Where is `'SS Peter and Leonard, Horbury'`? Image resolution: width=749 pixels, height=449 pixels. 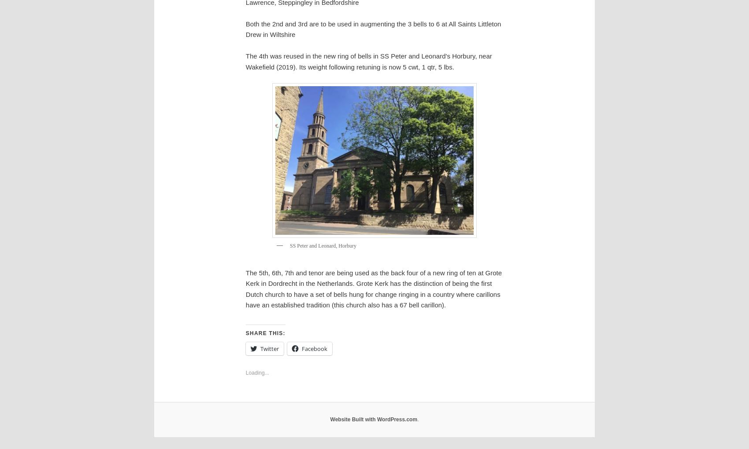 'SS Peter and Leonard, Horbury' is located at coordinates (323, 245).